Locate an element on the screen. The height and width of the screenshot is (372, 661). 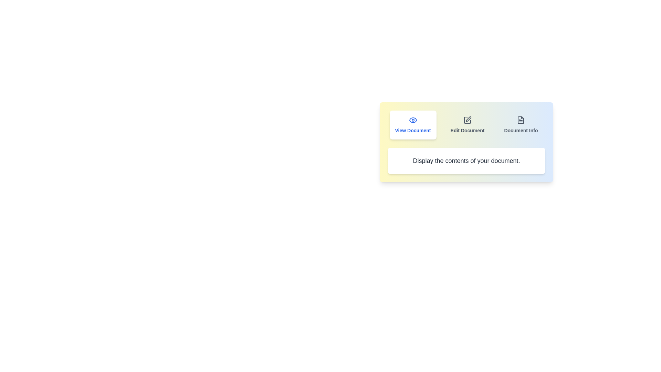
the button labeled Edit Document to trigger its hover effect is located at coordinates (468, 125).